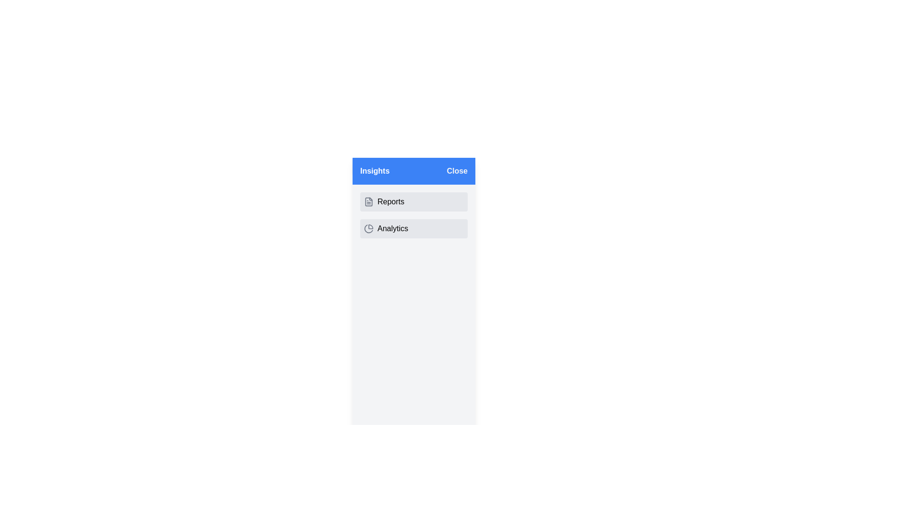 This screenshot has height=518, width=921. Describe the element at coordinates (414, 171) in the screenshot. I see `the 'Insights' label in the header bar at the top of the side menu for contextual information` at that location.